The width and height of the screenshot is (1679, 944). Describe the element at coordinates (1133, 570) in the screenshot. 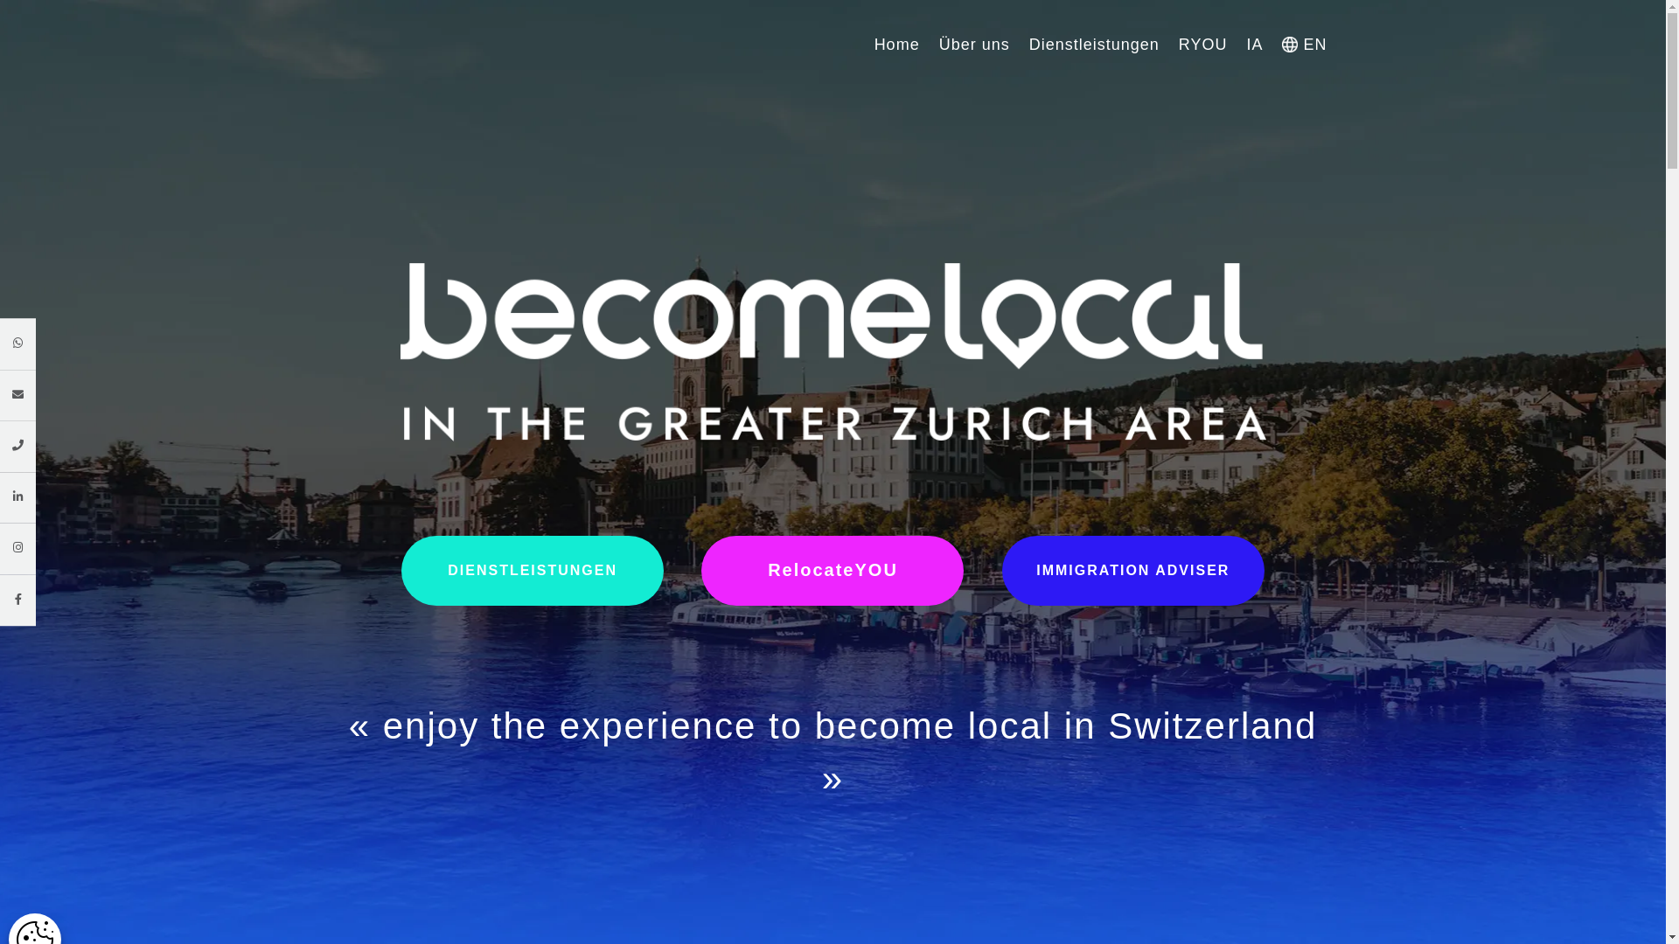

I see `'IMMIGRATION ADVISER'` at that location.